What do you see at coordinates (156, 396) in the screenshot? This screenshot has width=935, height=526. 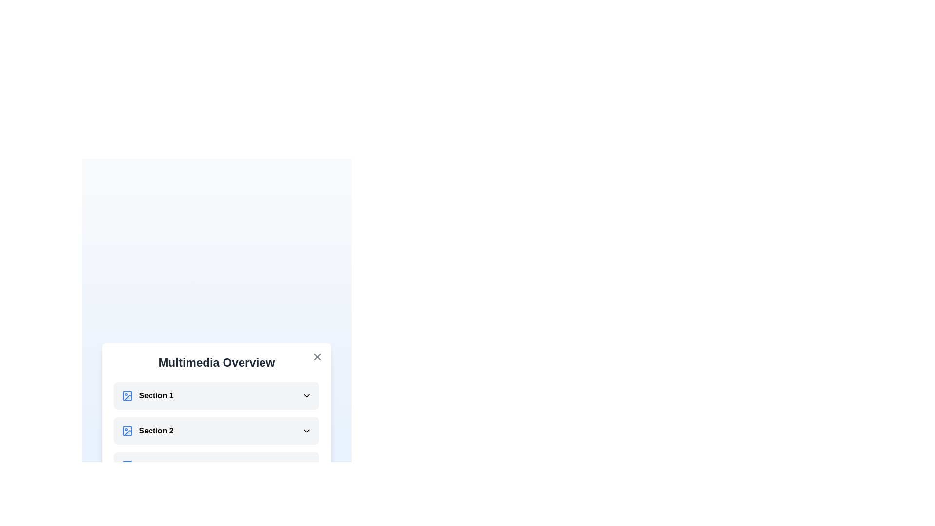 I see `text label 'Section 1' which is bold and located to the right of a blue-tinted icon within the 'Multimedia Overview' modal dialog box` at bounding box center [156, 396].